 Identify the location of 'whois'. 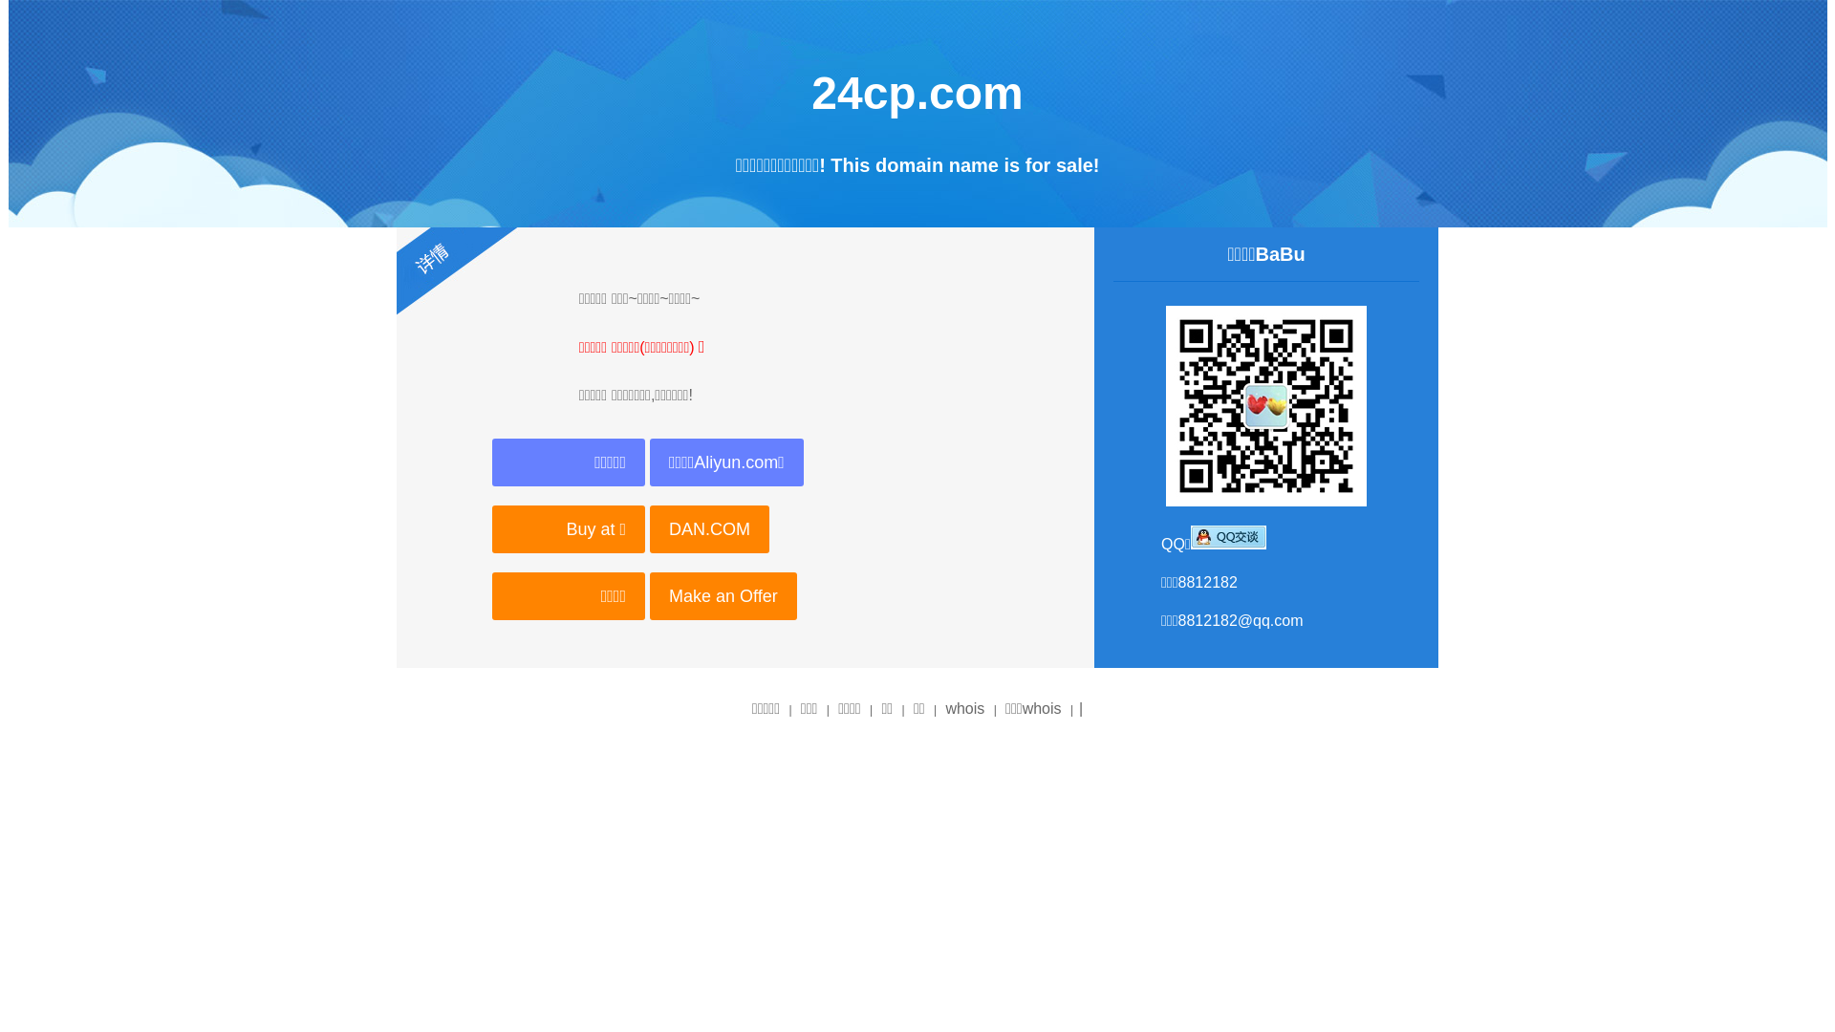
(964, 708).